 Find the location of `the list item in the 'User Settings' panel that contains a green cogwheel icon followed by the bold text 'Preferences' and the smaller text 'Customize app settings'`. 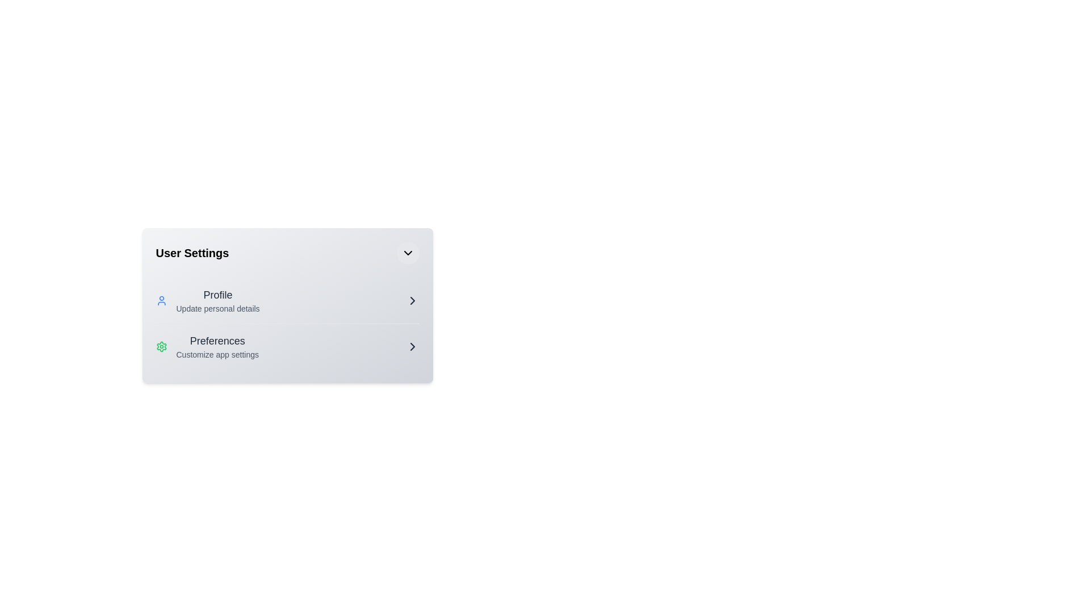

the list item in the 'User Settings' panel that contains a green cogwheel icon followed by the bold text 'Preferences' and the smaller text 'Customize app settings' is located at coordinates (207, 346).